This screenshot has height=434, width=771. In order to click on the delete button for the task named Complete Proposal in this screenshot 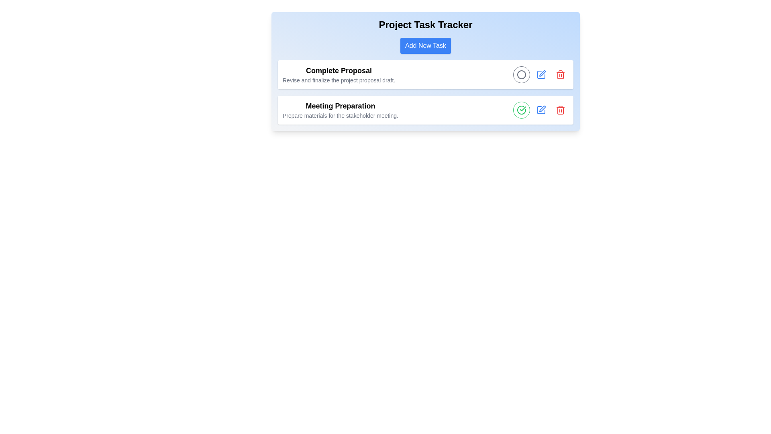, I will do `click(560, 74)`.